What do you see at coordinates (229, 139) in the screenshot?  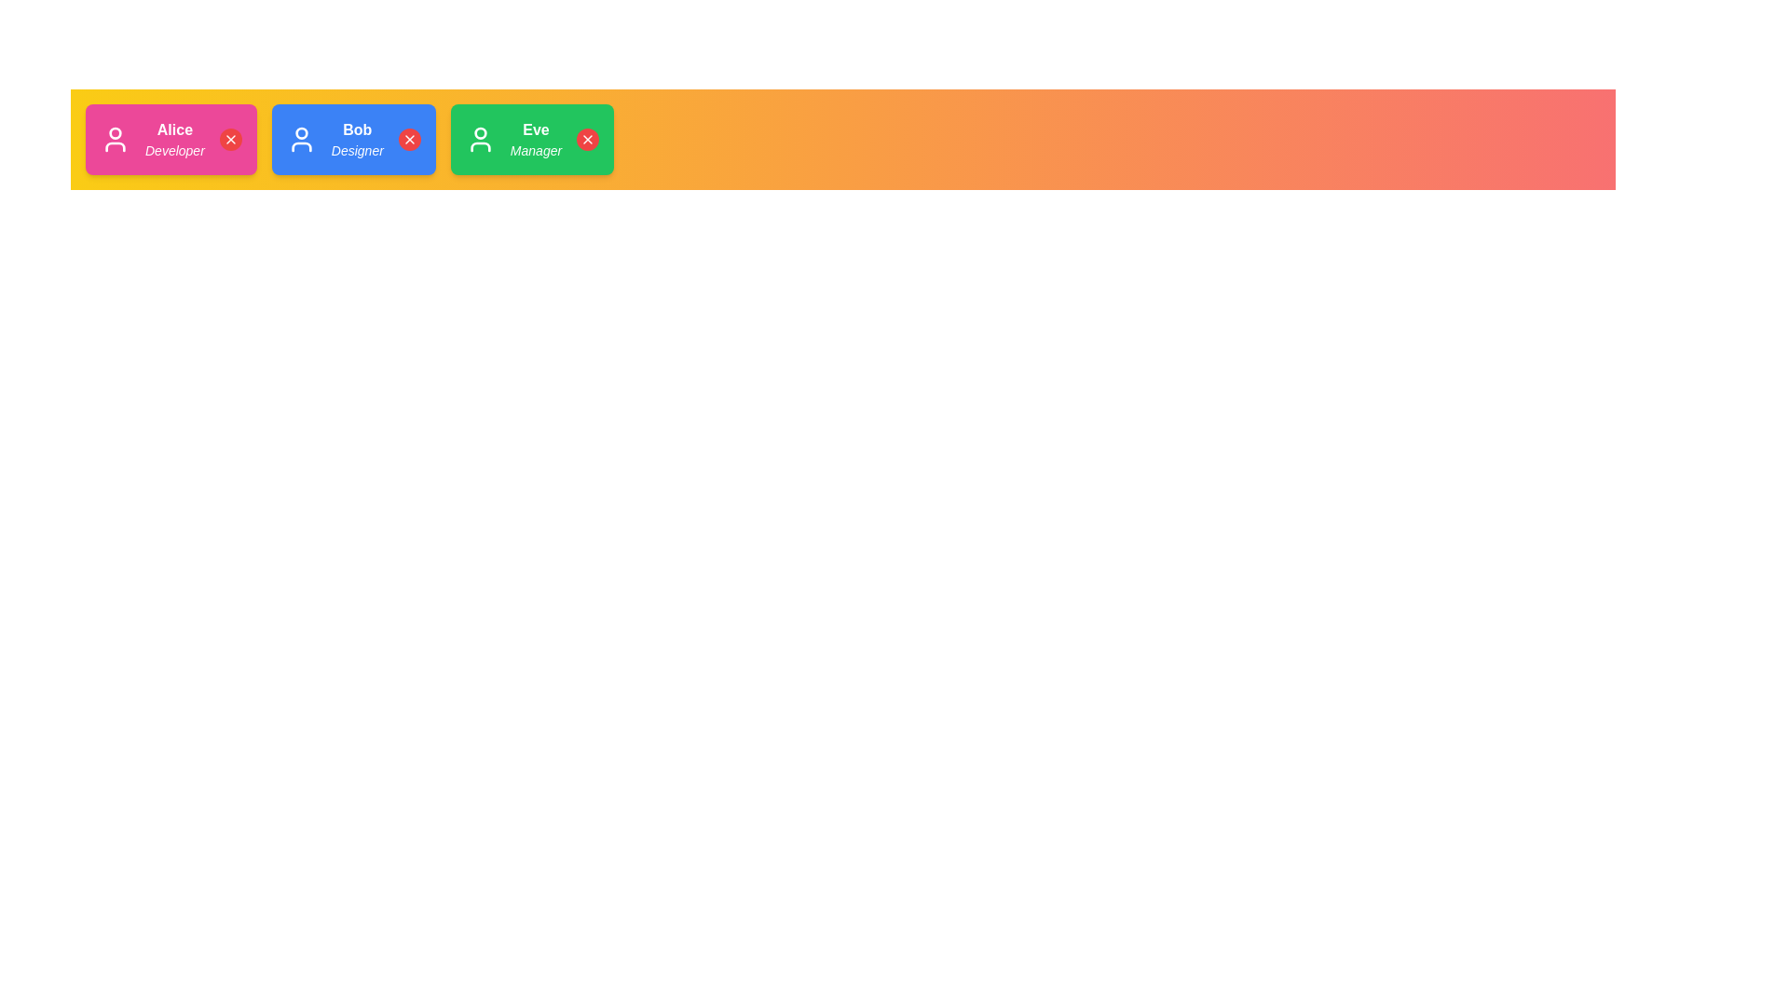 I see `the close button of the avatar chip corresponding to Alice` at bounding box center [229, 139].